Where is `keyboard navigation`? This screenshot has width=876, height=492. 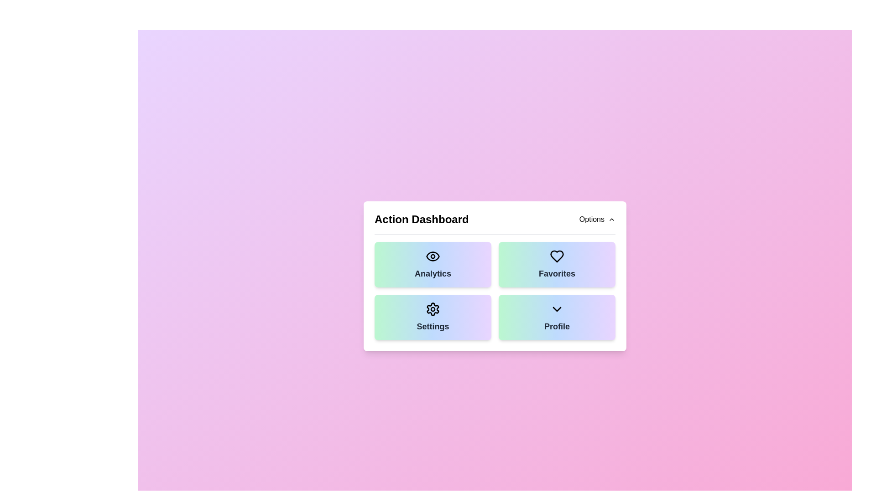
keyboard navigation is located at coordinates (433, 256).